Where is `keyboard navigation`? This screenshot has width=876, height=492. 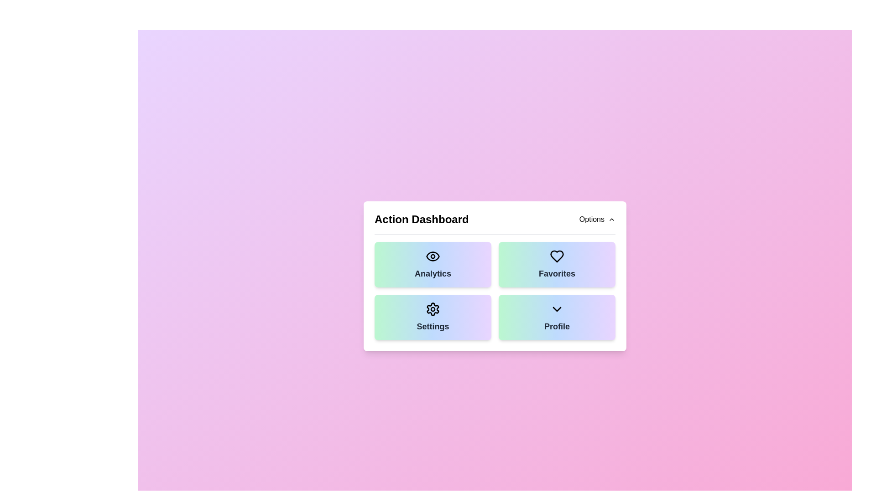
keyboard navigation is located at coordinates (433, 256).